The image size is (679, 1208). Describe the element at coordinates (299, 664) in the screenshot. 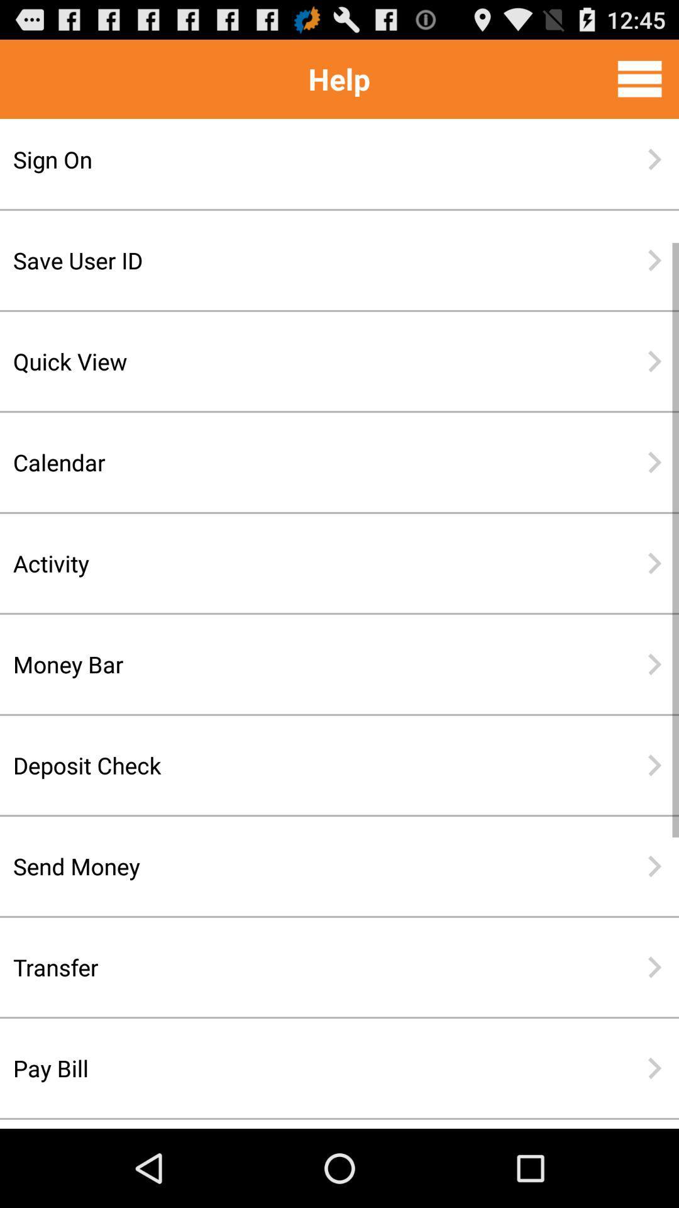

I see `money bar item` at that location.